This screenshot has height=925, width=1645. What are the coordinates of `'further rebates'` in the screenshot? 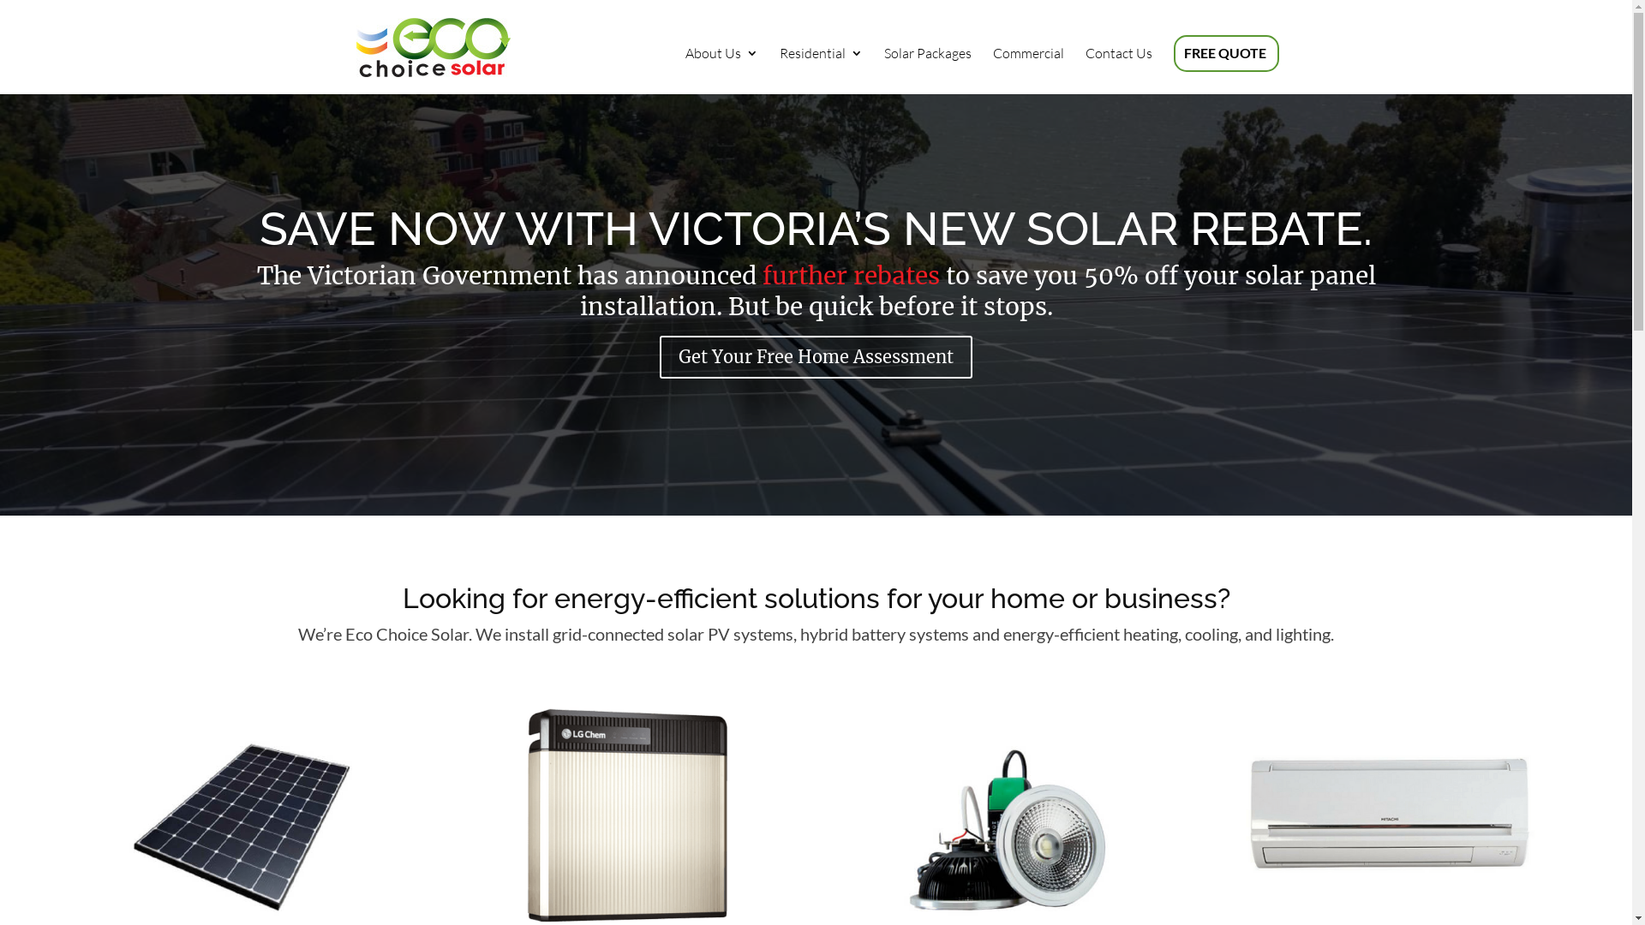 It's located at (761, 274).